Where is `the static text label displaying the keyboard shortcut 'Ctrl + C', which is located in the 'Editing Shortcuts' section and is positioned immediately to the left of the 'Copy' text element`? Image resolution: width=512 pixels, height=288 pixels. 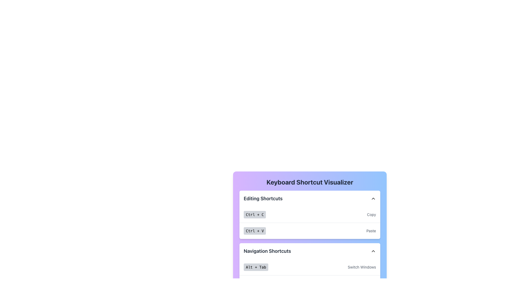 the static text label displaying the keyboard shortcut 'Ctrl + C', which is located in the 'Editing Shortcuts' section and is positioned immediately to the left of the 'Copy' text element is located at coordinates (254, 214).